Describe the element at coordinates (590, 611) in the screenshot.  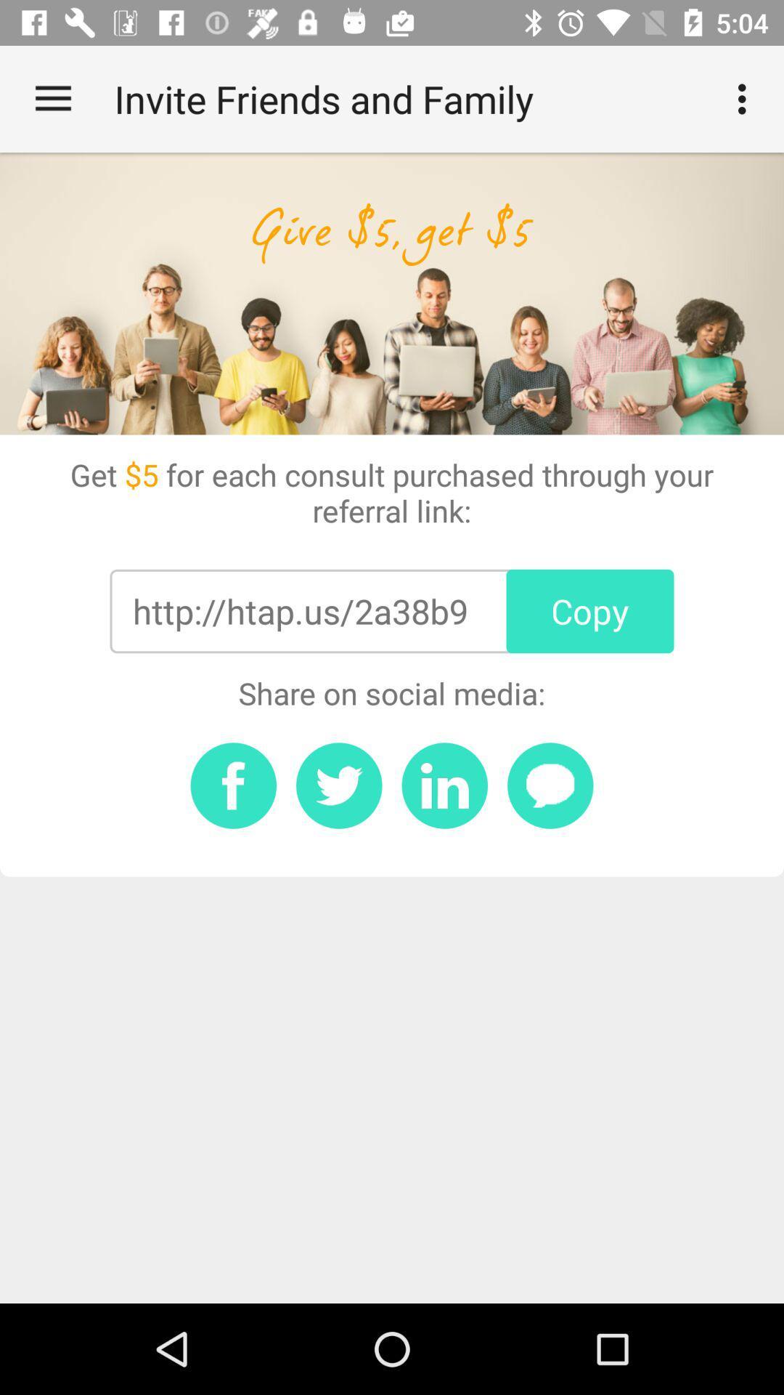
I see `the icon above the share on social item` at that location.